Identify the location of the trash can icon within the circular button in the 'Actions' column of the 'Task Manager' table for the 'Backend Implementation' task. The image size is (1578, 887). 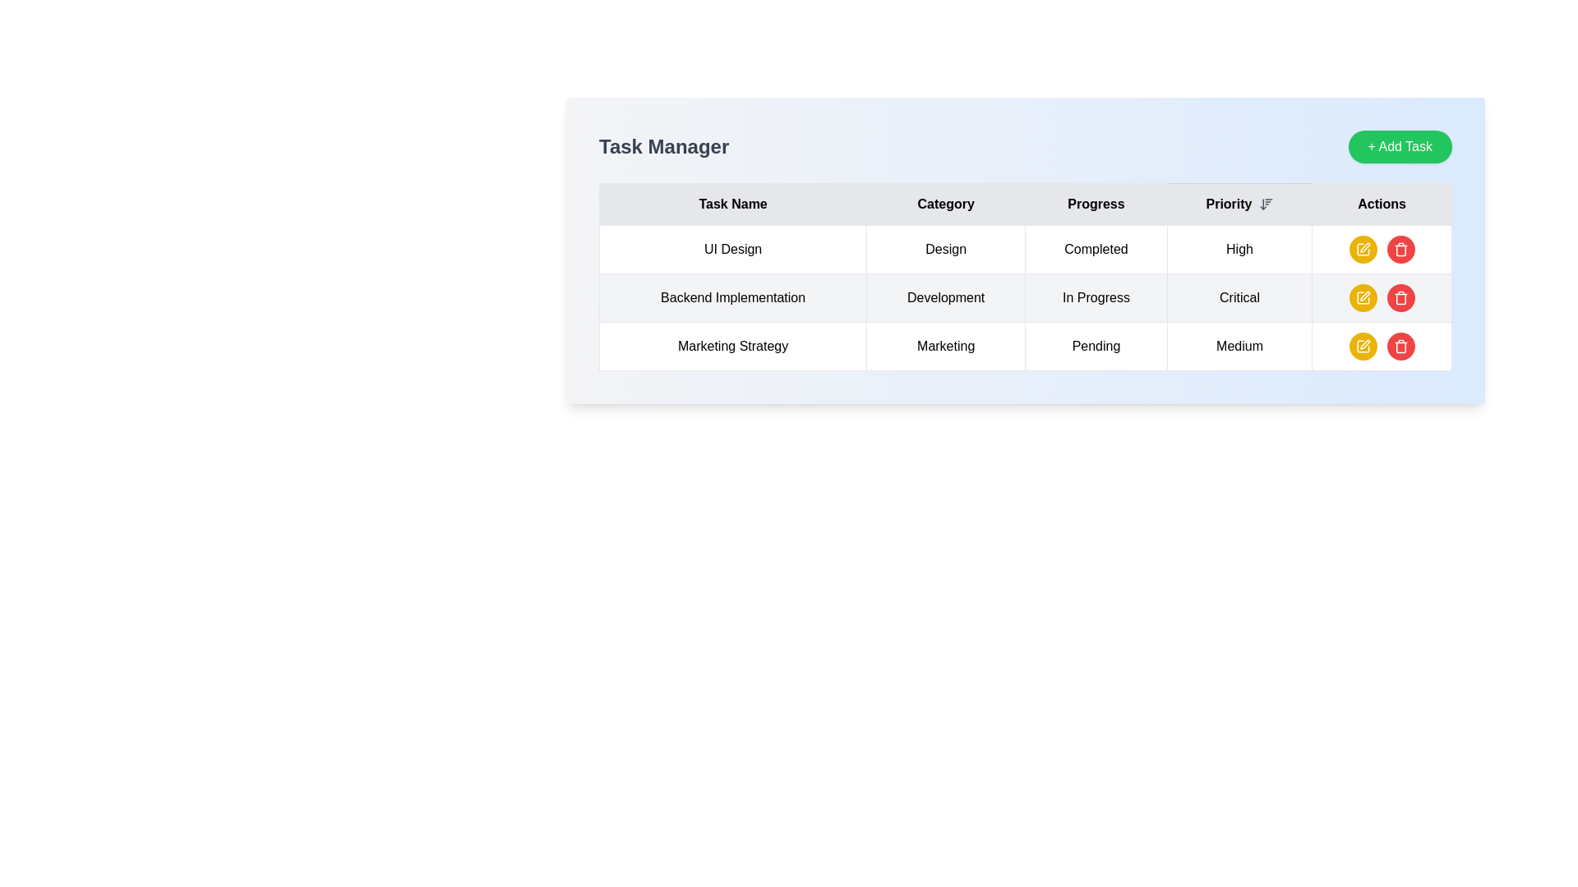
(1400, 297).